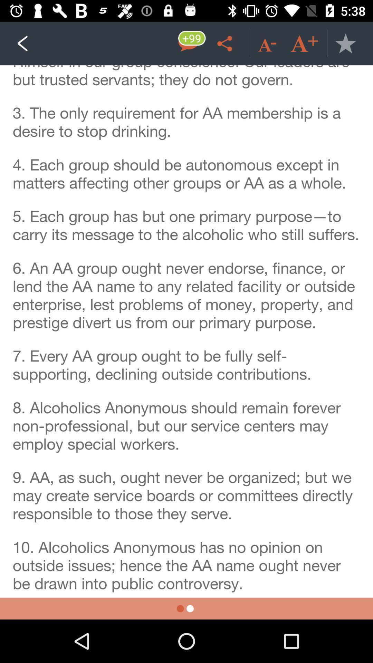 The image size is (373, 663). I want to click on message box, so click(189, 43).